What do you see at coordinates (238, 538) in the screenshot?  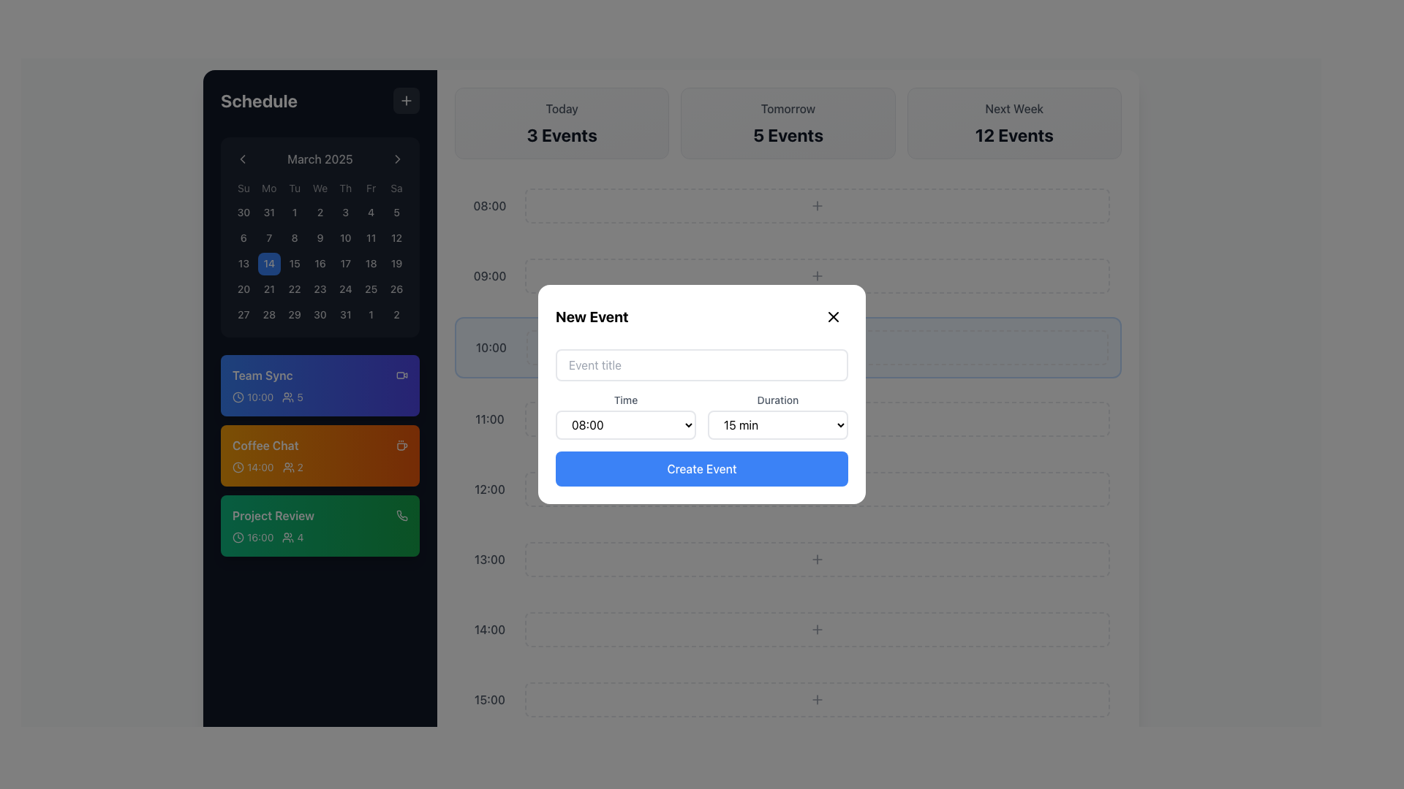 I see `the icon that visually represents the time information for the event '16:00' on the green 'Project Review' card in the schedule sidebar` at bounding box center [238, 538].